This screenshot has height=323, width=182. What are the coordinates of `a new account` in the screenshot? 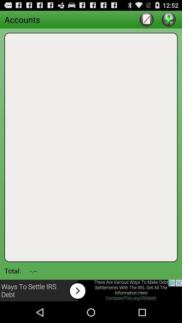 It's located at (168, 19).